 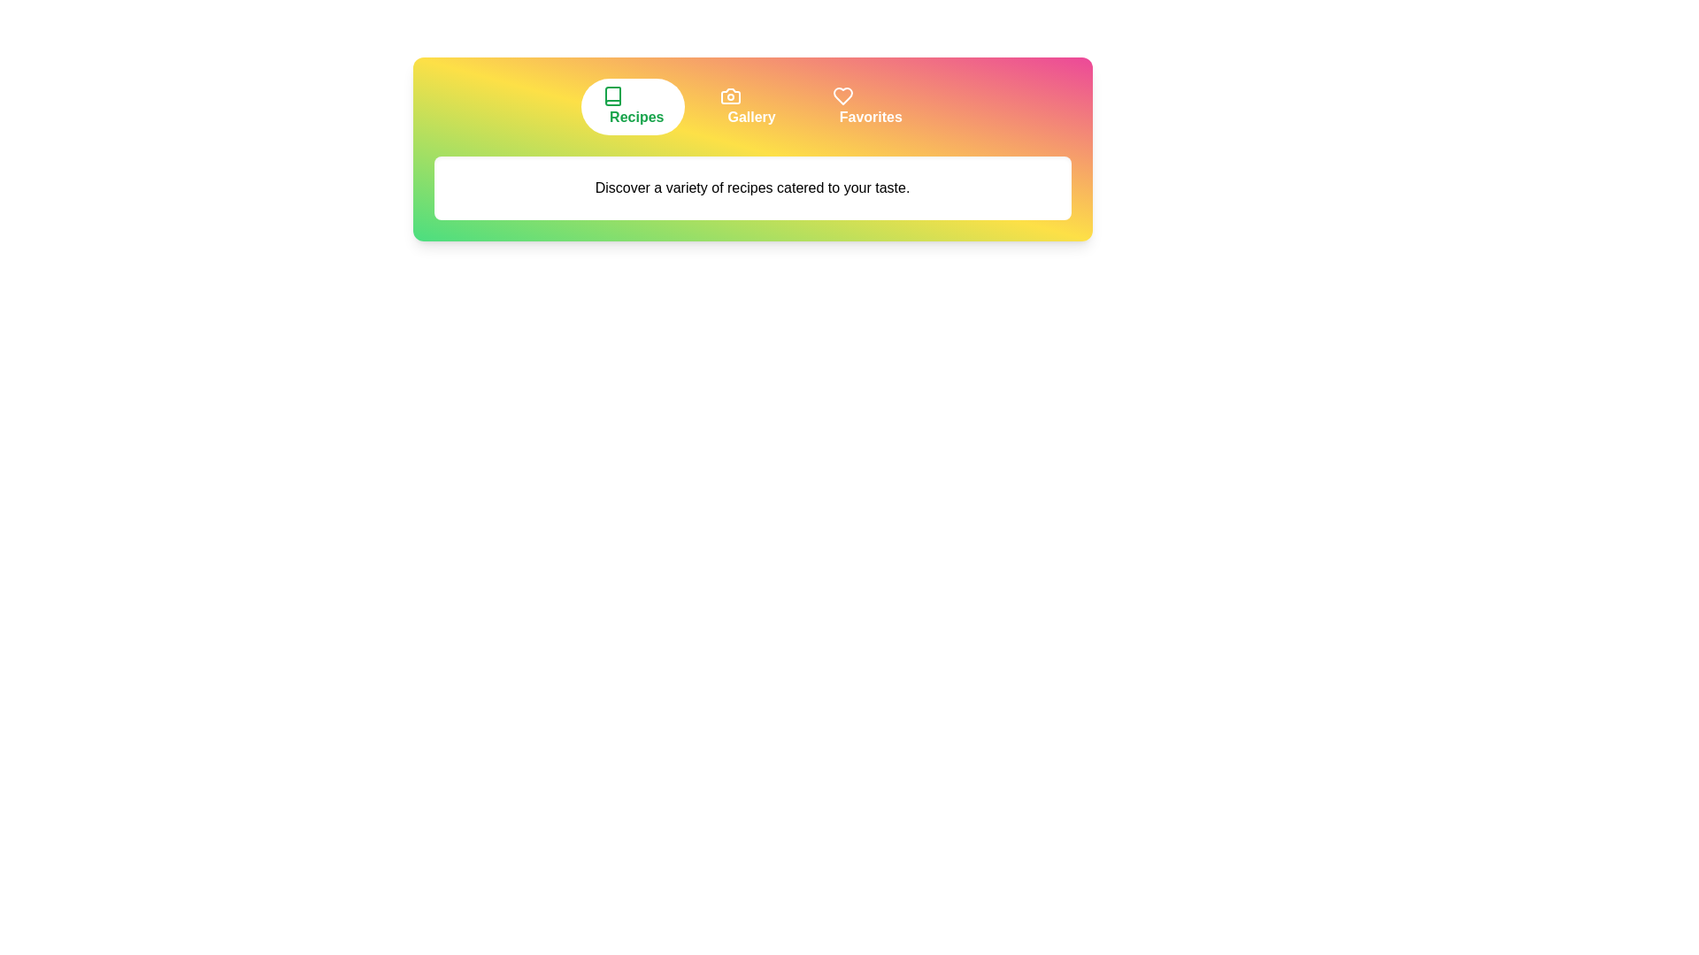 What do you see at coordinates (866, 106) in the screenshot?
I see `the tab labeled 'Favorites' to view its content` at bounding box center [866, 106].